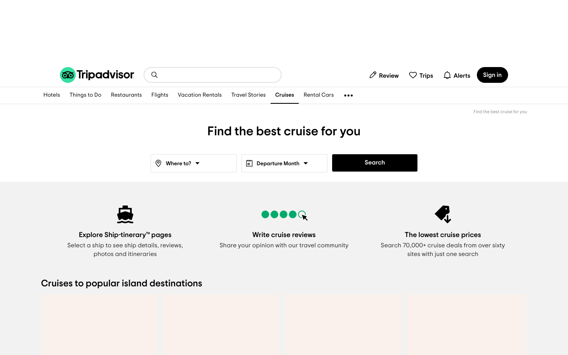 Image resolution: width=568 pixels, height=355 pixels. I want to click on Search hotels in current place, so click(51, 95).